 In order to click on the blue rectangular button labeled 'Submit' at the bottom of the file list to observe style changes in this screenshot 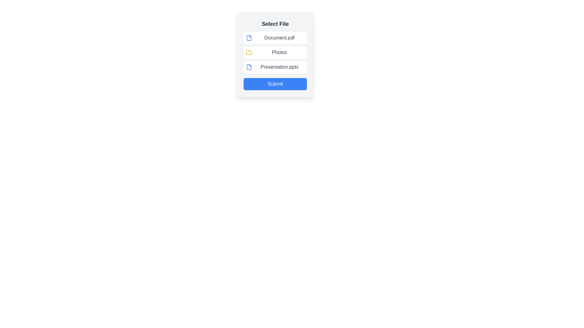, I will do `click(275, 84)`.